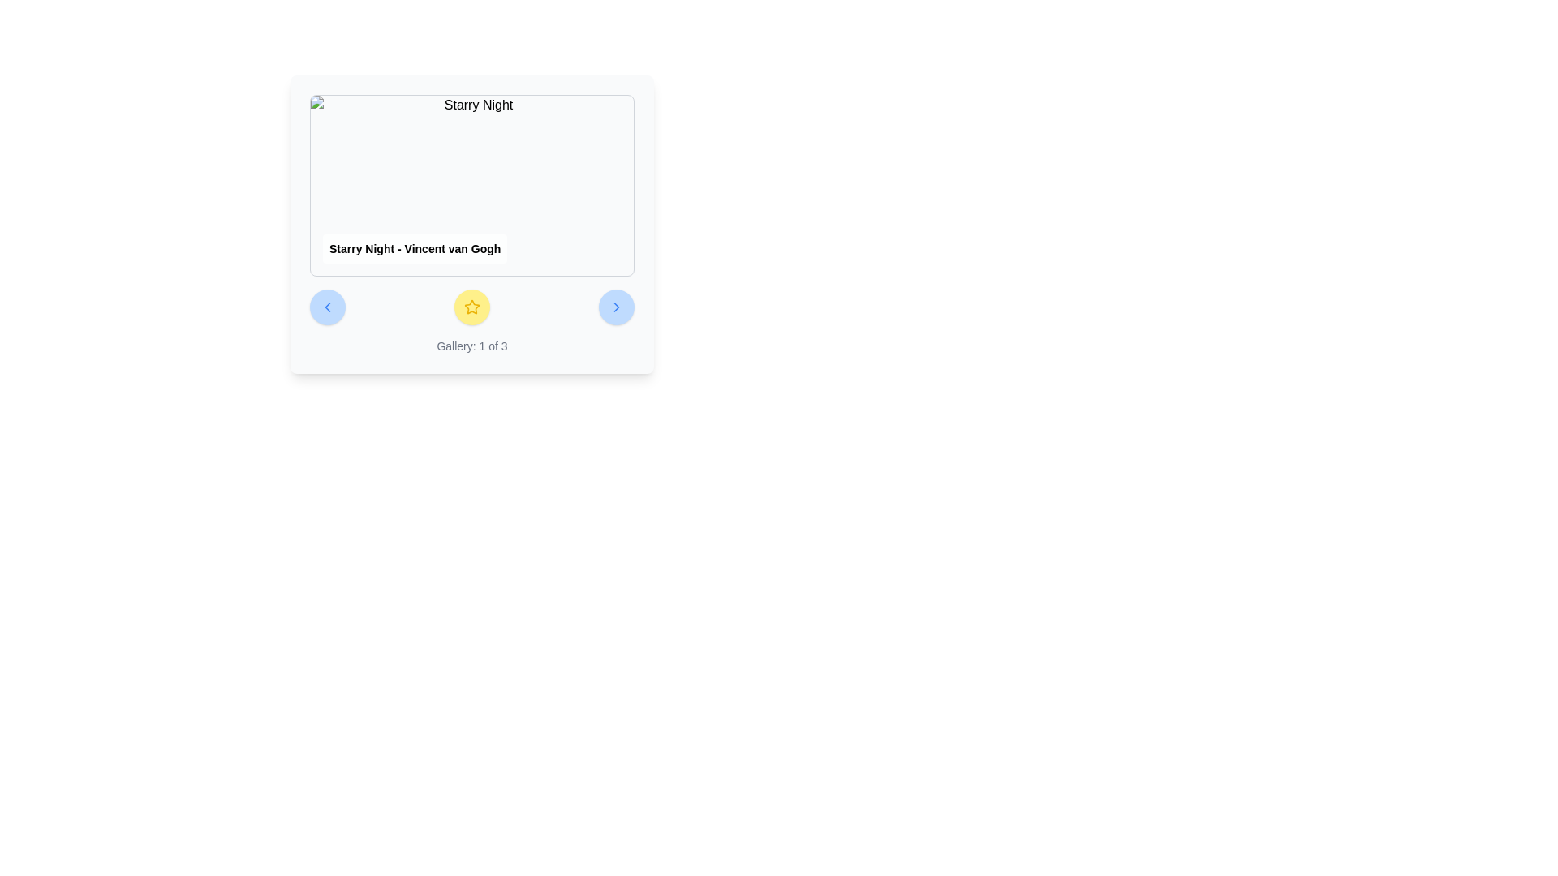 This screenshot has height=876, width=1558. What do you see at coordinates (471, 307) in the screenshot?
I see `the middle circular button with a yellow background and a star icon to mark it as favorite` at bounding box center [471, 307].